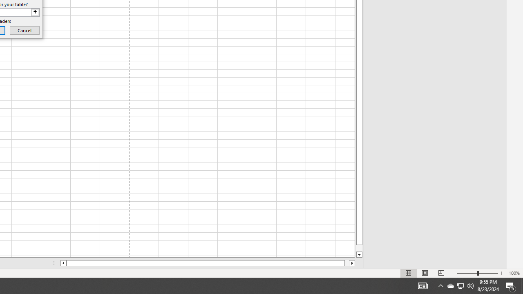  I want to click on 'Page right', so click(346, 263).